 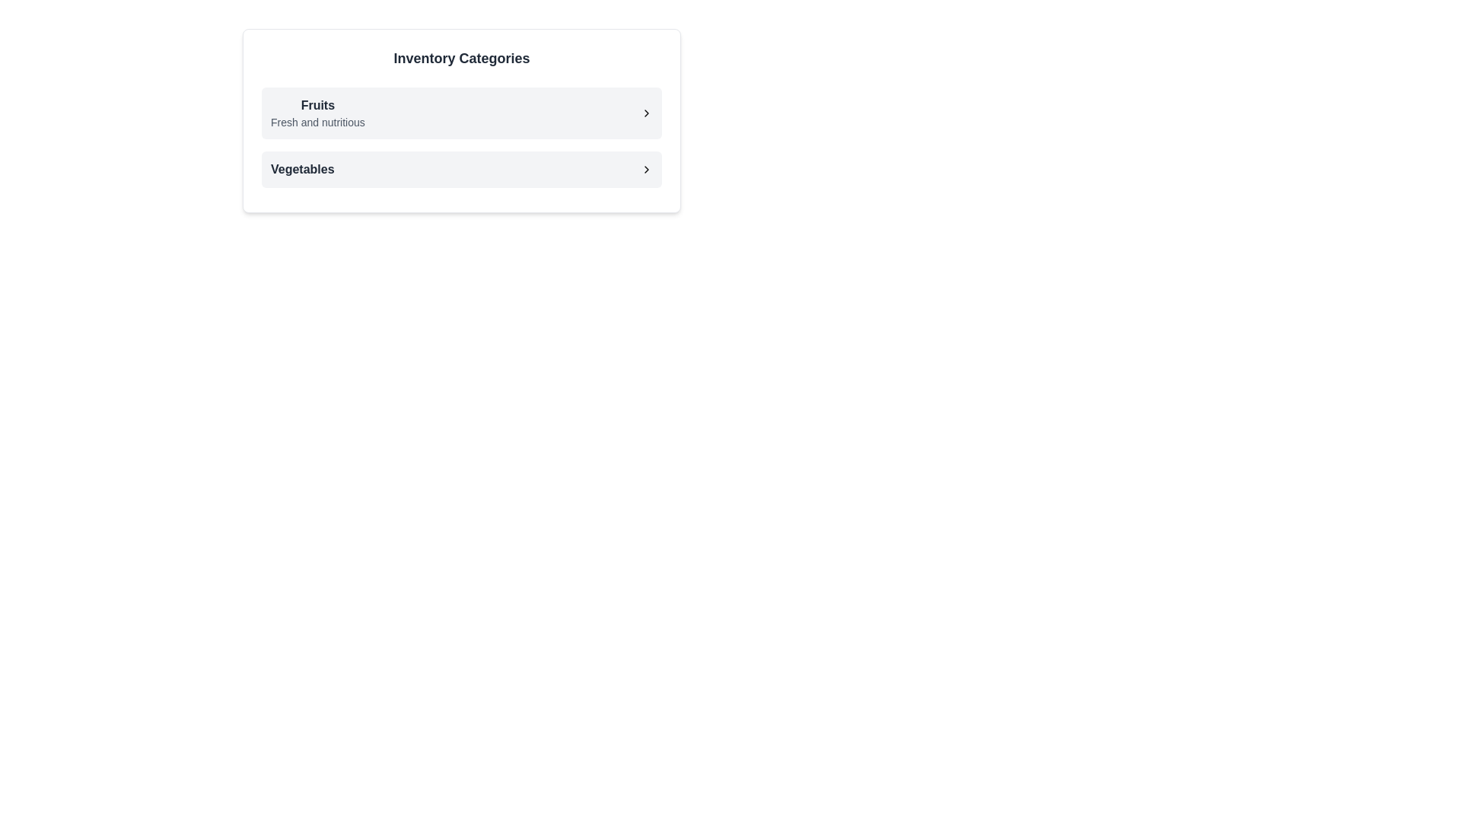 What do you see at coordinates (317, 104) in the screenshot?
I see `the bold title text 'Fruits', which serves as the category title in the inventory list, positioned at the top of the list item above the description 'Fresh and nutritious'` at bounding box center [317, 104].